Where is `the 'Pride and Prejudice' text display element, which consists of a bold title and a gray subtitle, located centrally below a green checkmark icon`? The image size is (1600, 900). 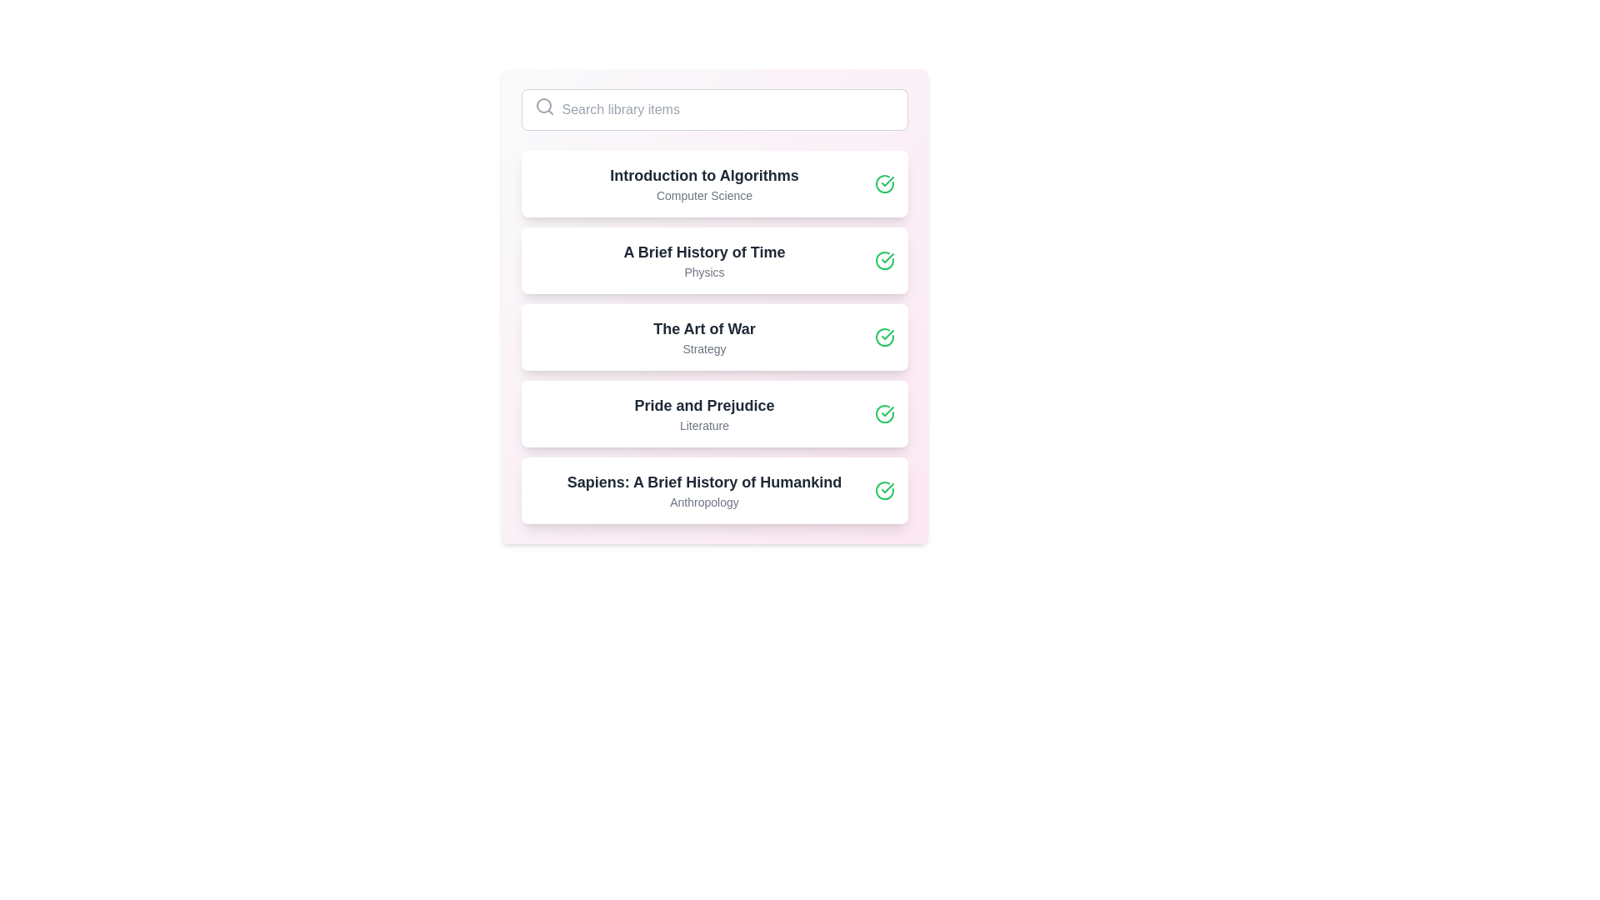 the 'Pride and Prejudice' text display element, which consists of a bold title and a gray subtitle, located centrally below a green checkmark icon is located at coordinates (704, 413).